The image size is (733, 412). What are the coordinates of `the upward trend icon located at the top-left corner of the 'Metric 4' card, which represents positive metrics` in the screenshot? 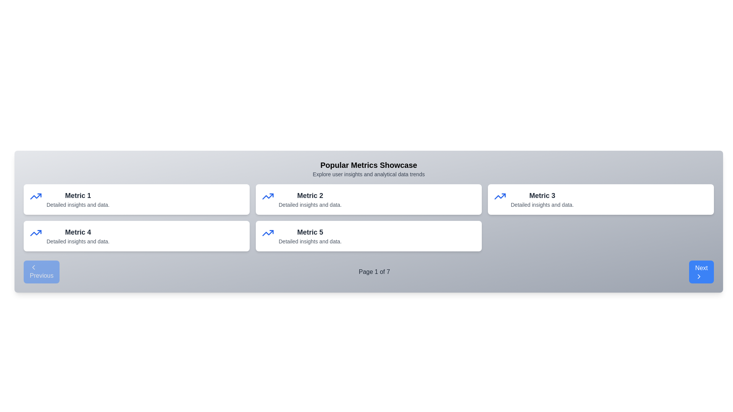 It's located at (36, 232).